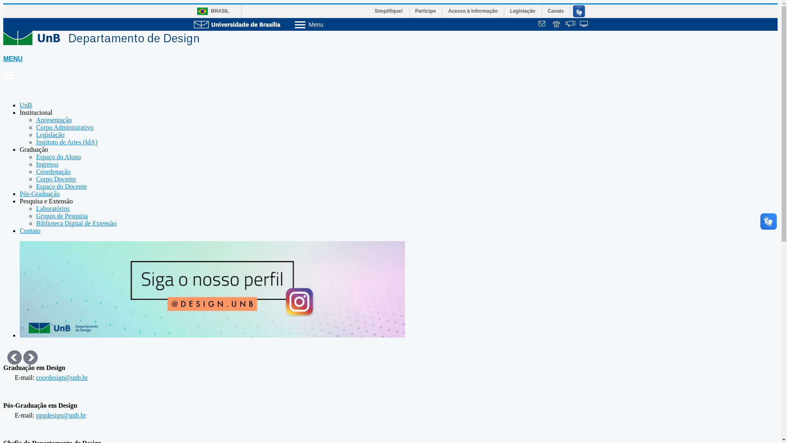 This screenshot has width=787, height=443. I want to click on ' ', so click(584, 24).